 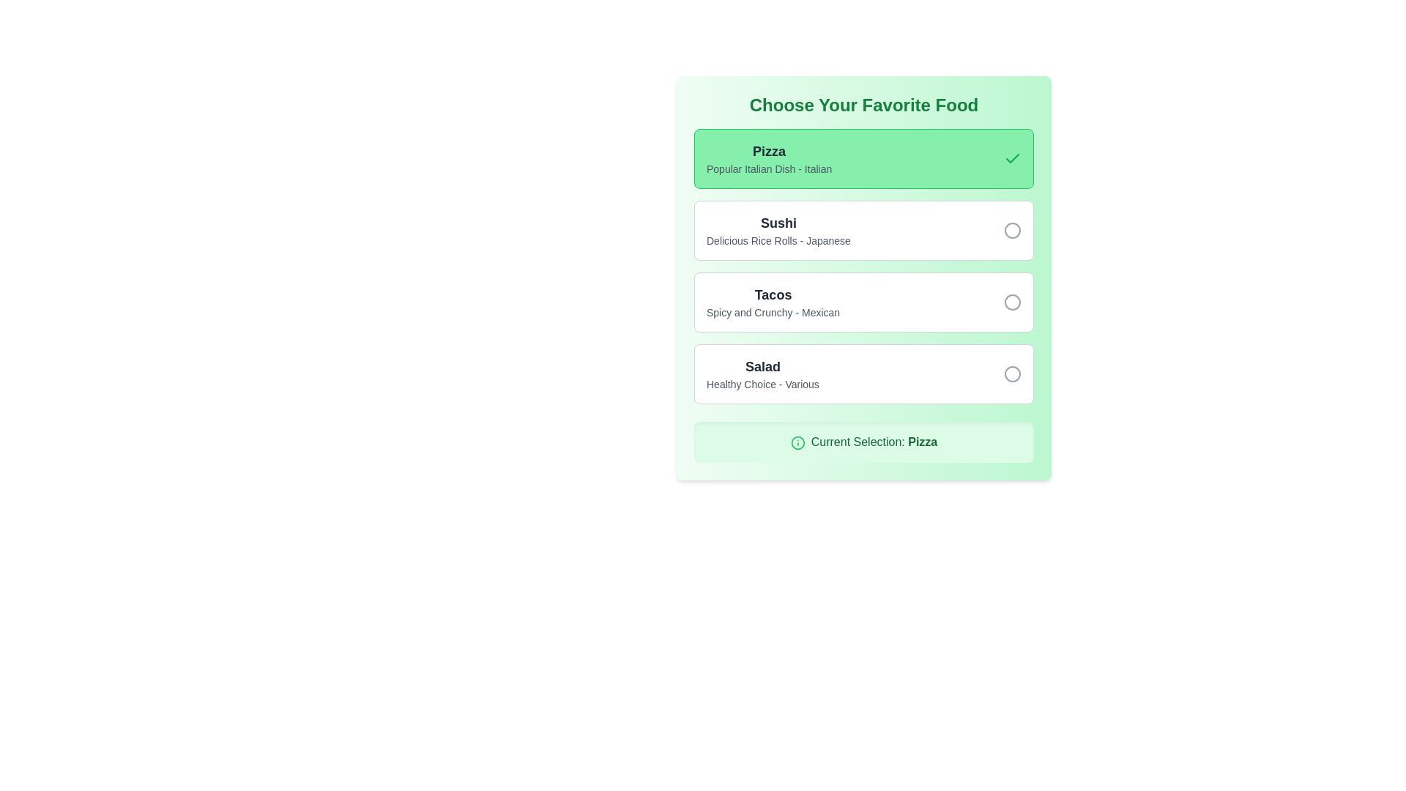 I want to click on the static text element displaying the word 'Pizza', which is styled with large, bold text on a green background, located at the upper-left portion of the card interface, so click(x=768, y=152).